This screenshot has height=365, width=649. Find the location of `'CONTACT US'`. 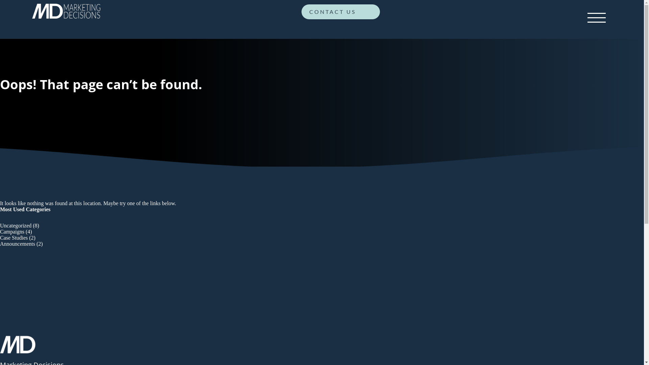

'CONTACT US' is located at coordinates (341, 11).